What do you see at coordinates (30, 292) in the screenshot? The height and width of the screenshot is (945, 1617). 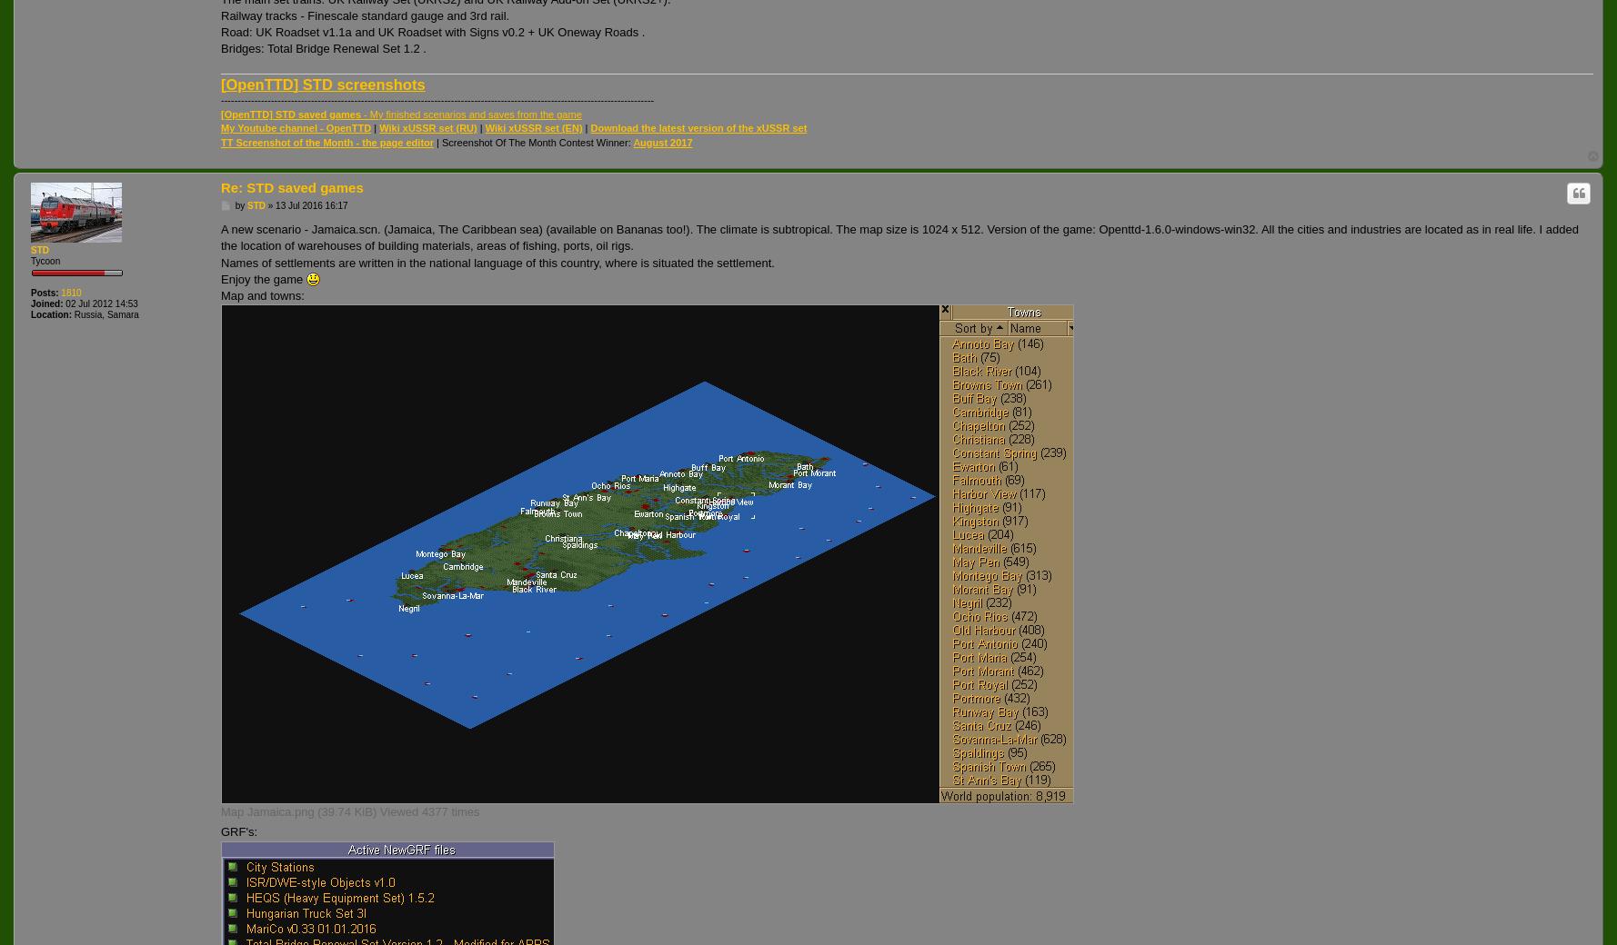 I see `'Posts:'` at bounding box center [30, 292].